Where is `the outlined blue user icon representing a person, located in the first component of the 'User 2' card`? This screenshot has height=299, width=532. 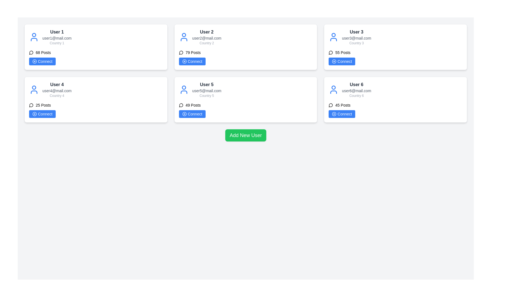 the outlined blue user icon representing a person, located in the first component of the 'User 2' card is located at coordinates (184, 37).